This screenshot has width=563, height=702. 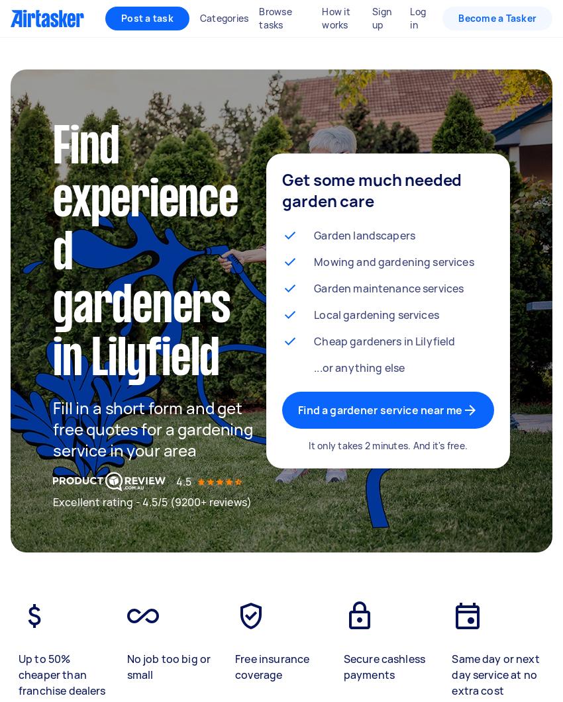 I want to click on 'Become a Tasker', so click(x=457, y=18).